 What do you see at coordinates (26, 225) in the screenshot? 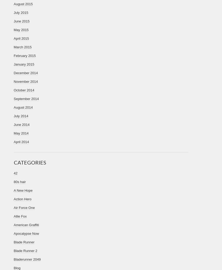
I see `'American Graffiti'` at bounding box center [26, 225].